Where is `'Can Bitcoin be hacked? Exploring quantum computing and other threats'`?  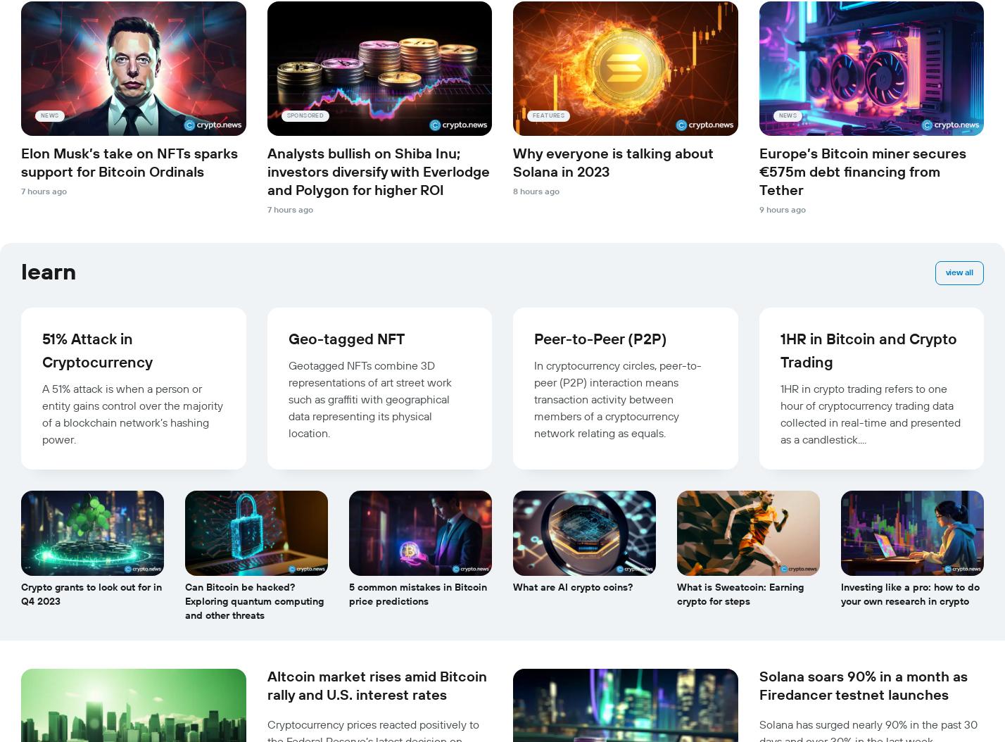
'Can Bitcoin be hacked? Exploring quantum computing and other threats' is located at coordinates (254, 602).